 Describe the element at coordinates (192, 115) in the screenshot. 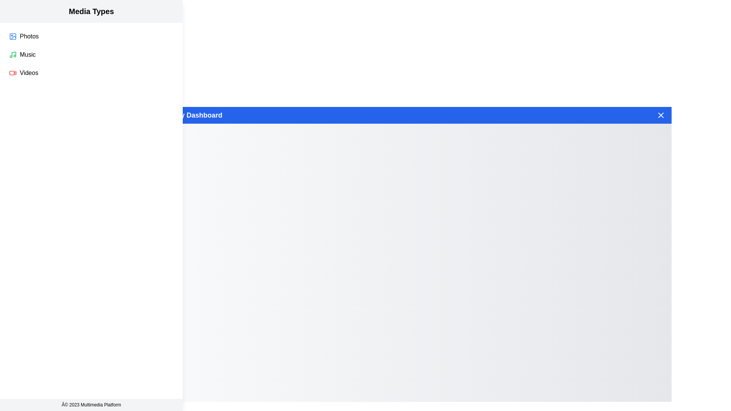

I see `the 'Gallery Dashboard' text label, which is styled in large bold white font on a blue background, positioned at the center-top of the interface and aligned to the left` at that location.